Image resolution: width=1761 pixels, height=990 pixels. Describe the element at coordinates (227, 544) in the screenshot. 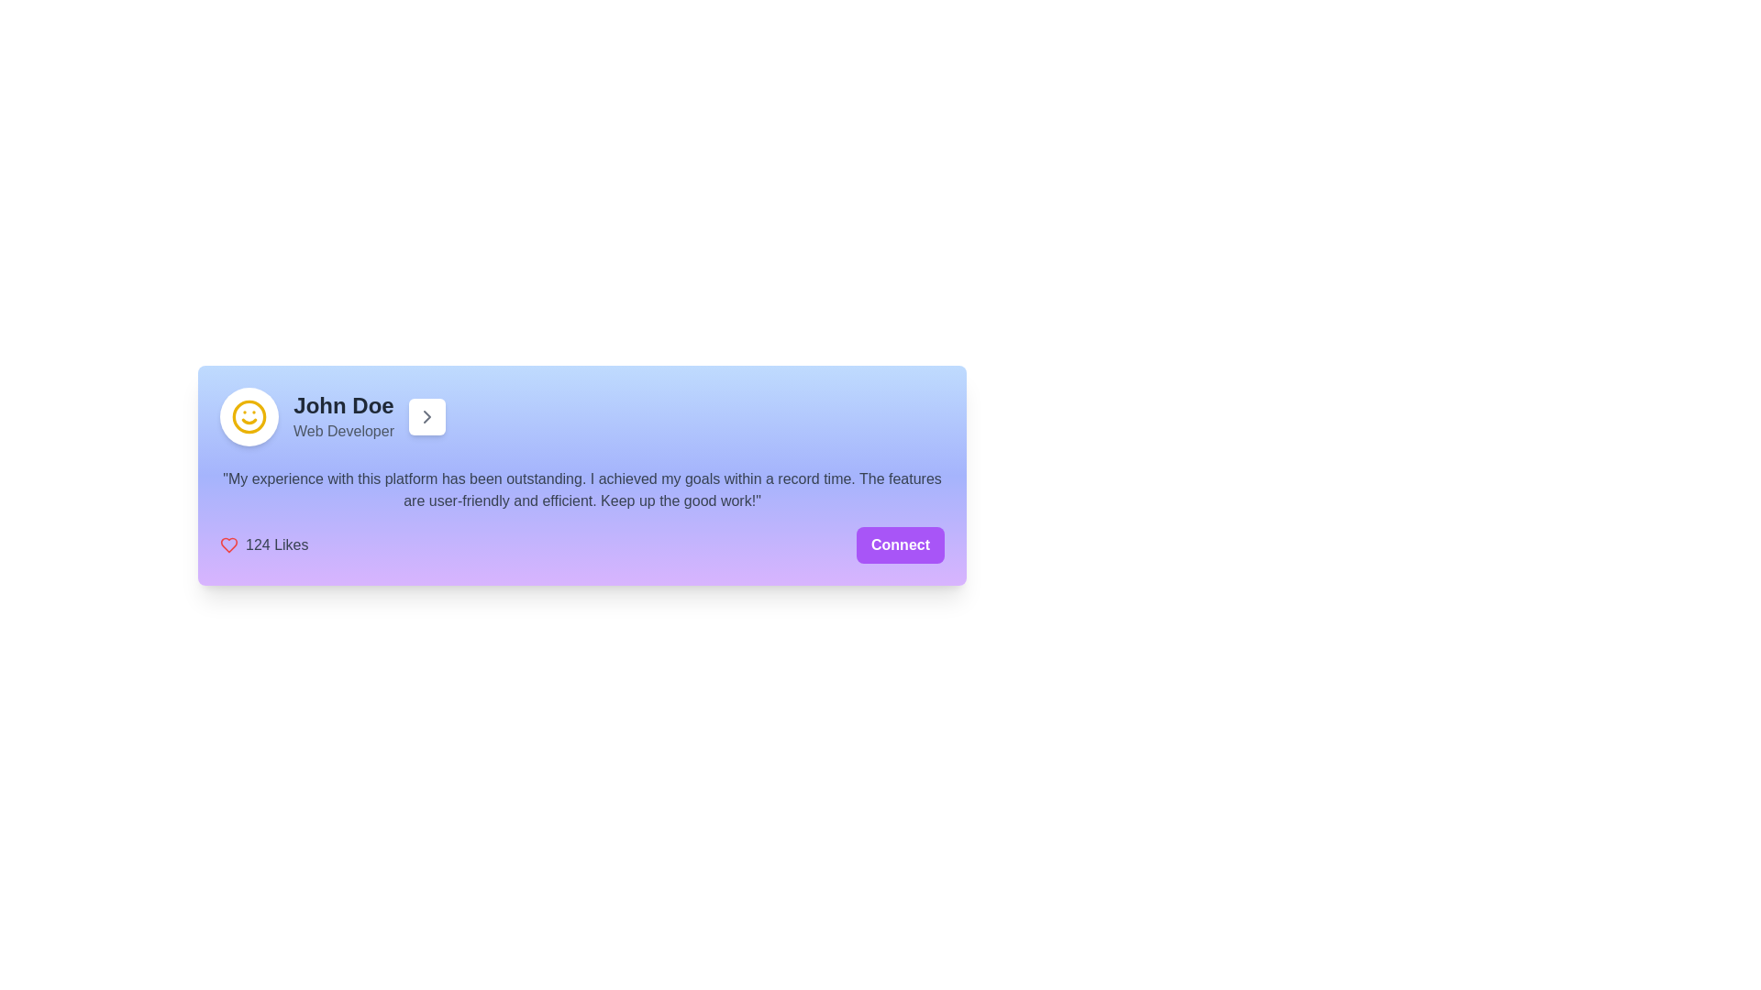

I see `the heart-shaped icon located at the bottom left of the card component, which represents 'likes' or 'favorites' functionality` at that location.